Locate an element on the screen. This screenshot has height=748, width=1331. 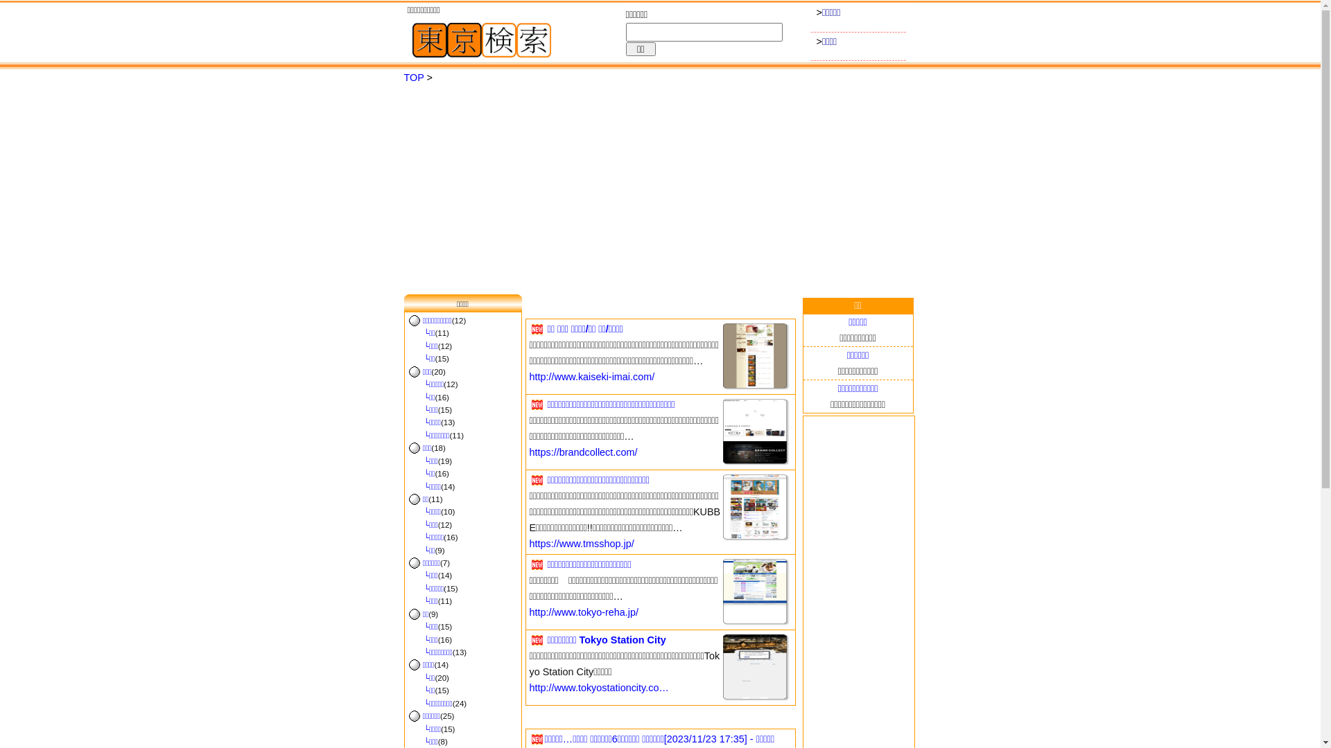
'http://www.tokyo-reha.jp/' is located at coordinates (584, 611).